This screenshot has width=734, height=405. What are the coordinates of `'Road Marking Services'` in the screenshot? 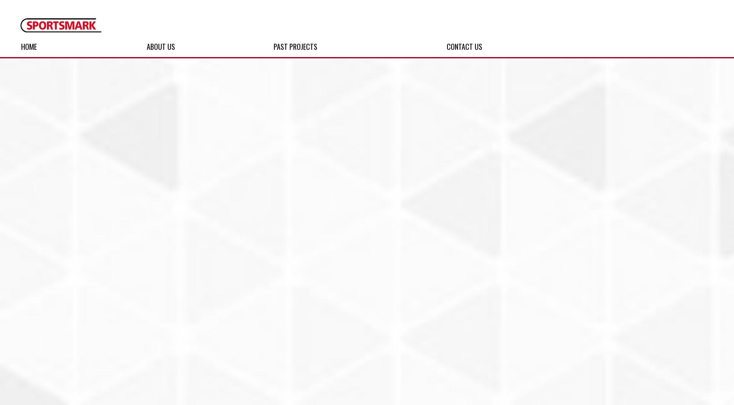 It's located at (330, 95).